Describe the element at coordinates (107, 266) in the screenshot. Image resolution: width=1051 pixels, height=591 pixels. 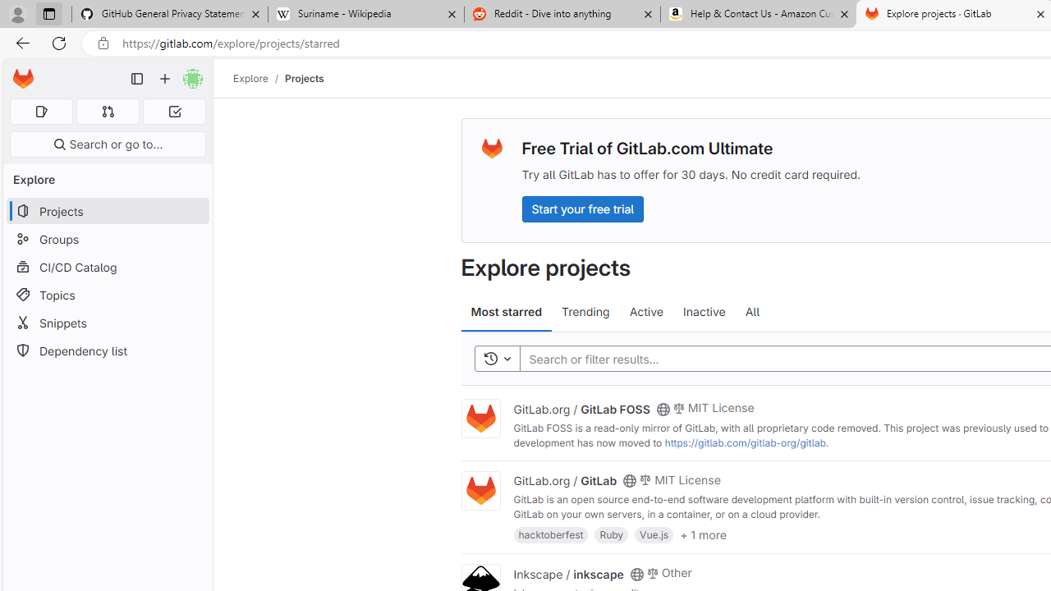
I see `'CI/CD Catalog'` at that location.